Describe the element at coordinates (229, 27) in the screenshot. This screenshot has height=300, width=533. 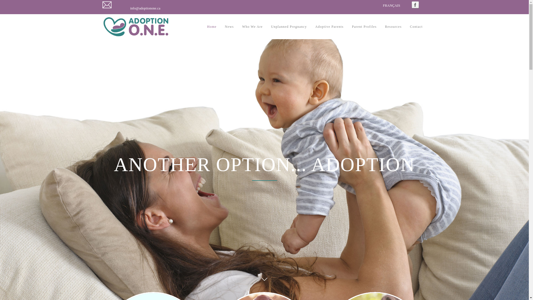
I see `'News'` at that location.